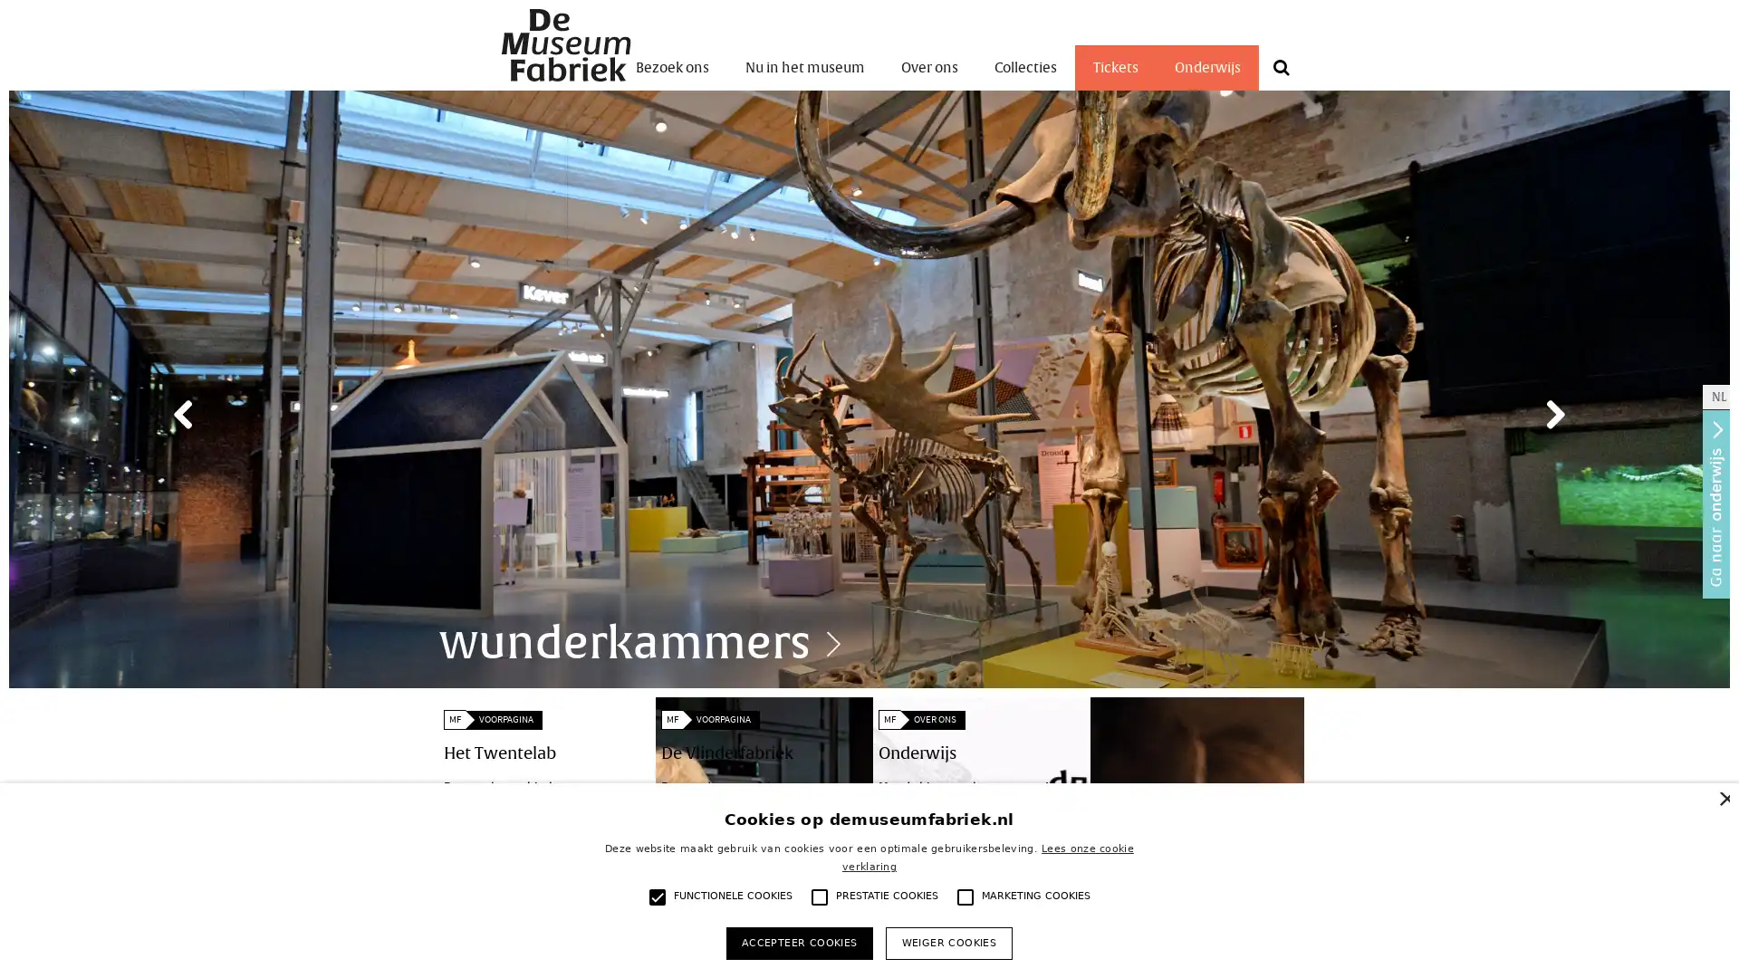 This screenshot has height=978, width=1739. What do you see at coordinates (947, 942) in the screenshot?
I see `WEIGER COOKIES` at bounding box center [947, 942].